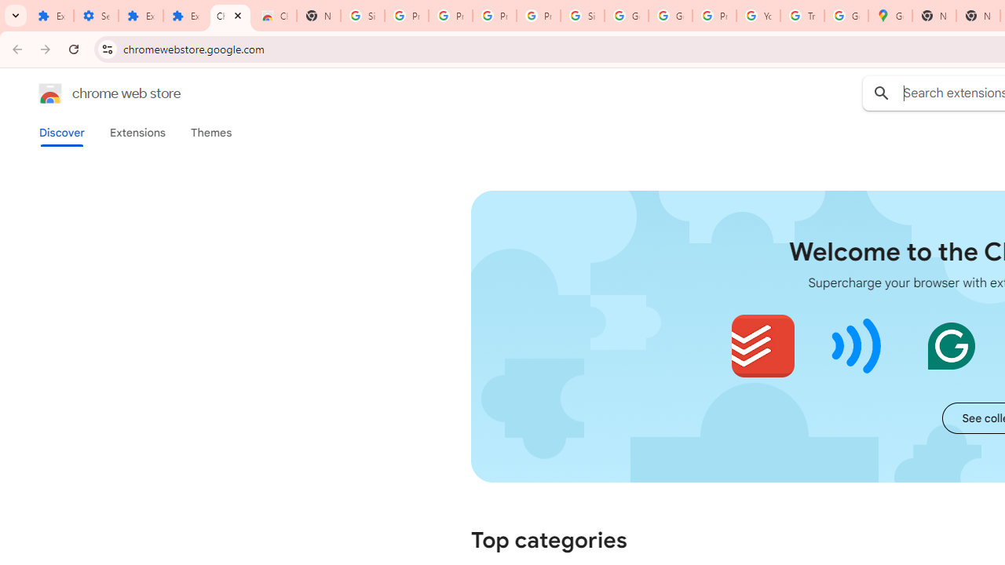  What do you see at coordinates (856, 345) in the screenshot?
I see `'Volume Master'` at bounding box center [856, 345].